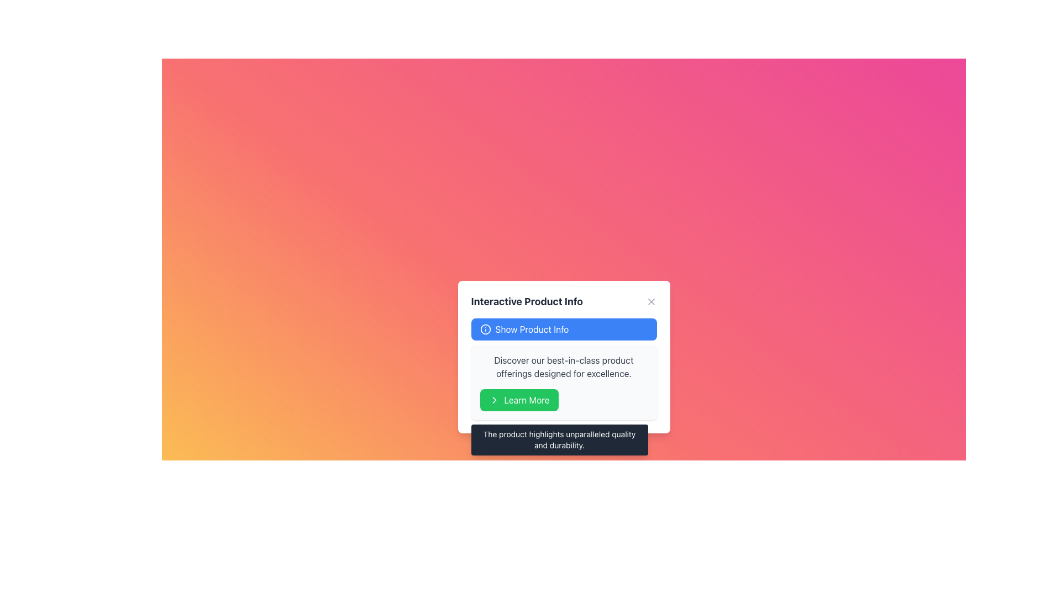 The height and width of the screenshot is (597, 1061). I want to click on the textual elements in the 'Interactive Product Info' modal, so click(564, 369).